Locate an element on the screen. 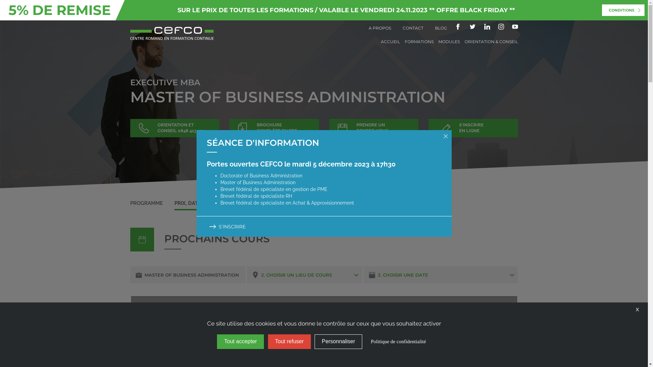 This screenshot has width=653, height=367. 'PROGRAMME' is located at coordinates (130, 203).